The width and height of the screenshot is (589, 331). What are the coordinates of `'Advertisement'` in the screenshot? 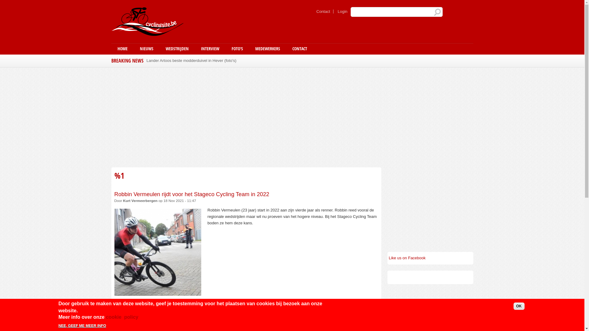 It's located at (429, 206).